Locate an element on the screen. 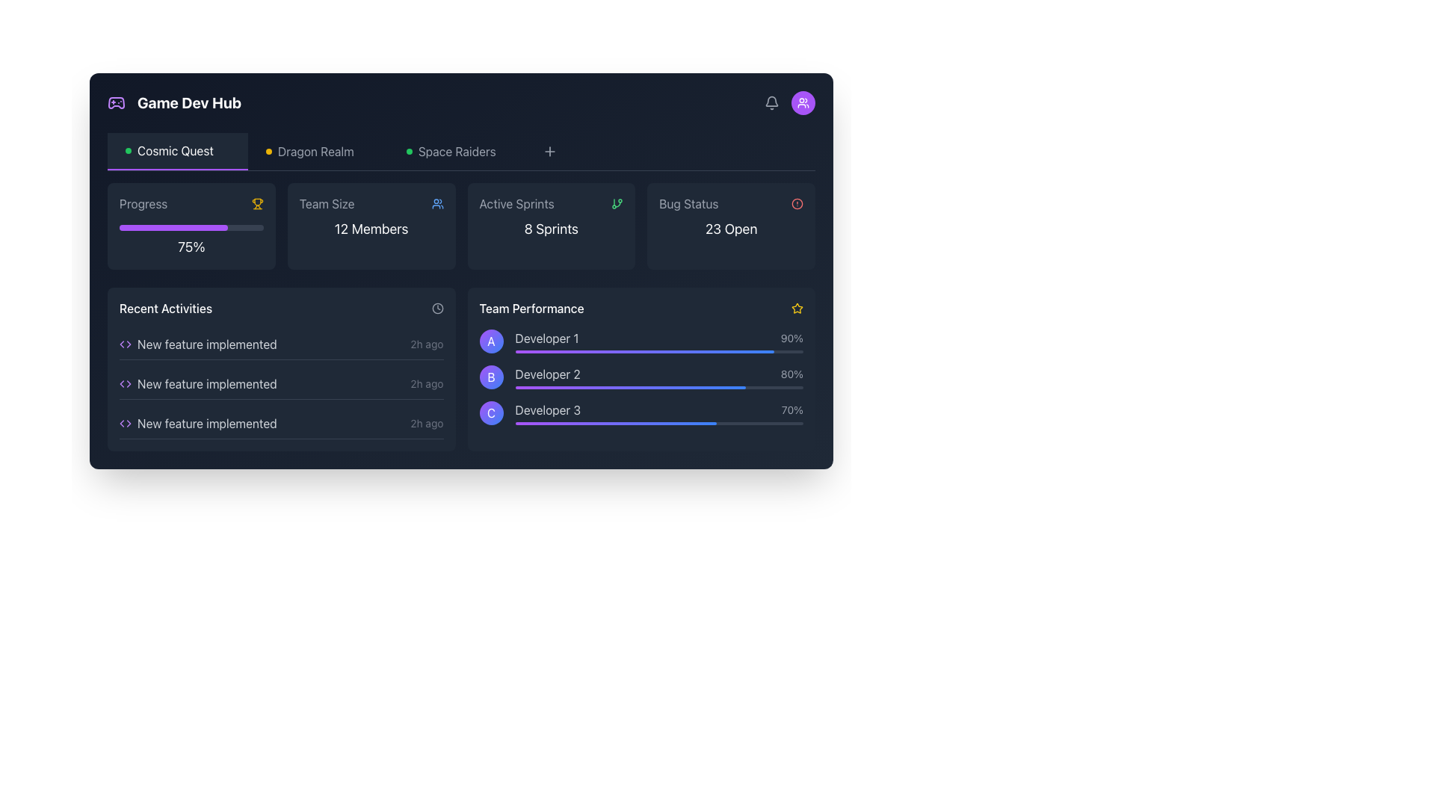 The image size is (1435, 807). text content of the topmost entry in the 'Recent Activities' section, which indicates the implementation of a new feature, located to the left of a timestamp reading '2h ago' is located at coordinates (197, 344).